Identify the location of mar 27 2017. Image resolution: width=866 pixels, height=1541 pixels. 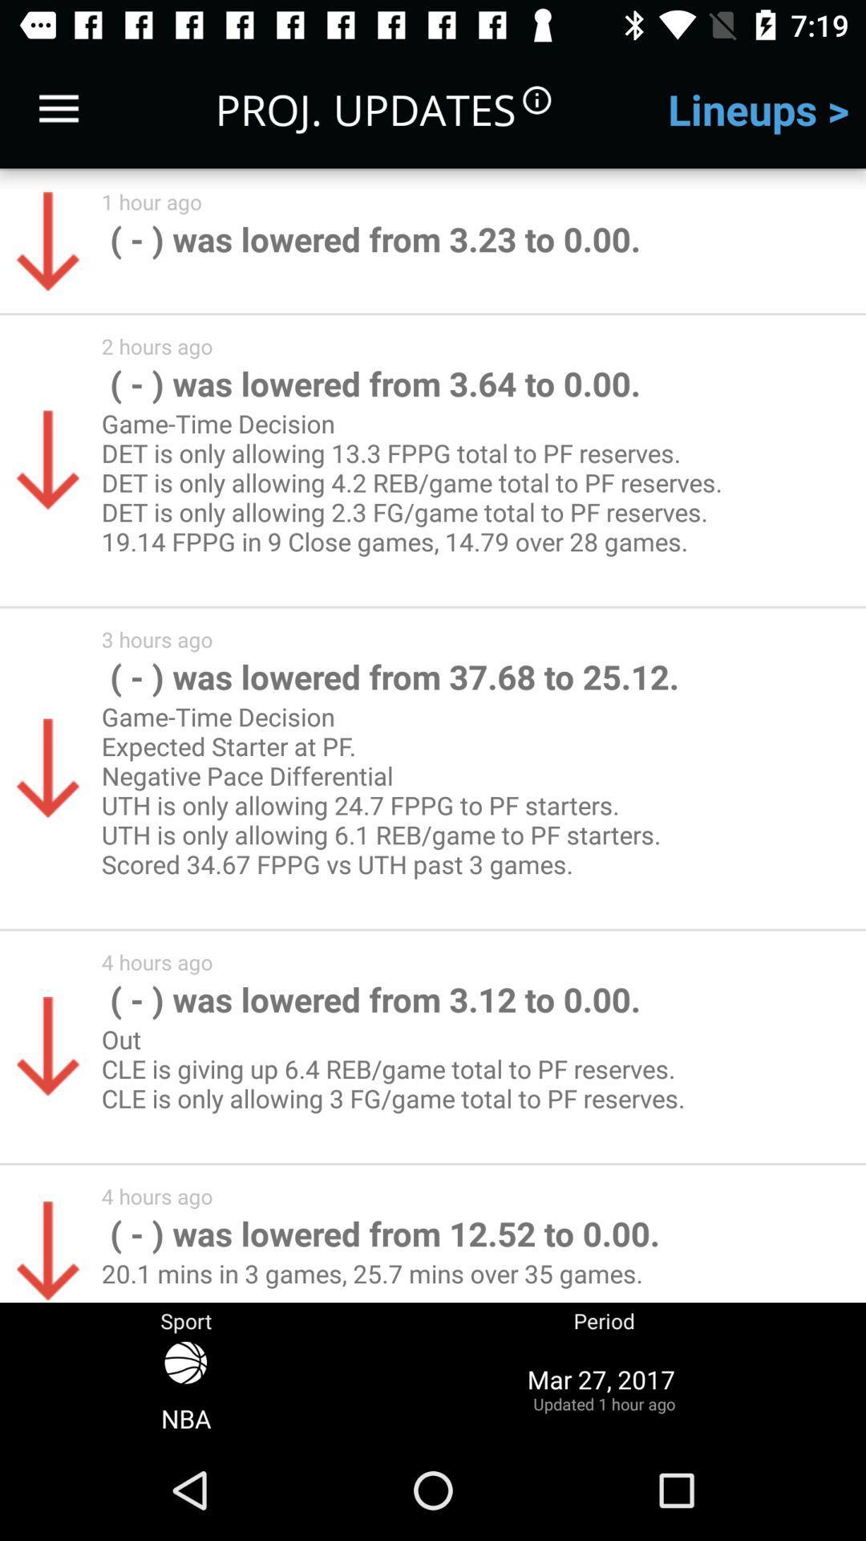
(604, 1388).